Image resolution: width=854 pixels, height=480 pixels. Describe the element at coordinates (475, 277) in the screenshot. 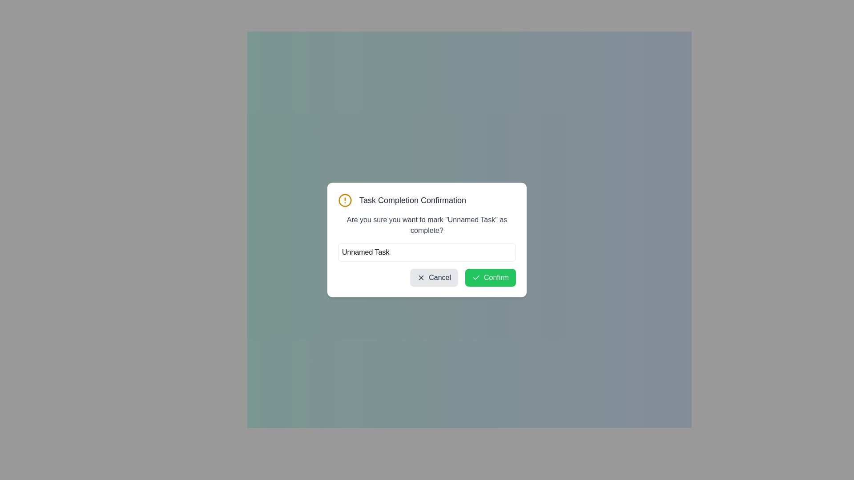

I see `the behavior of the decorative icon located to the left of the 'Confirm' button, which is positioned at the bottom-right area of the confirmation dialog box` at that location.